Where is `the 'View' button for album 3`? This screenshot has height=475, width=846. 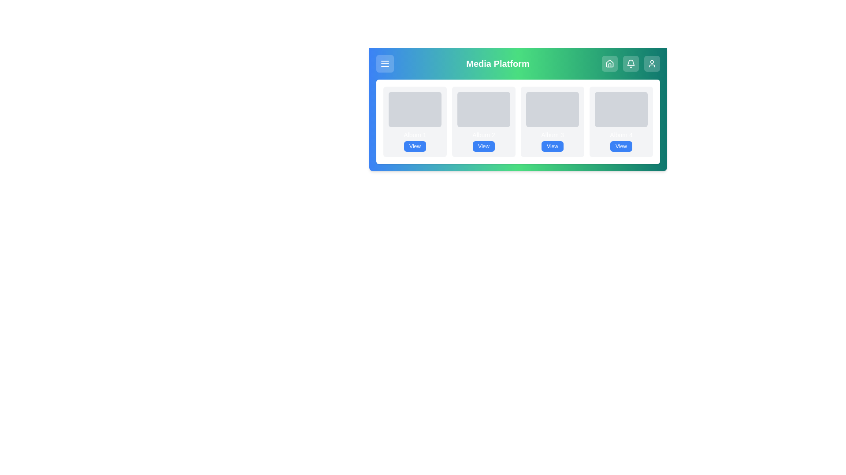 the 'View' button for album 3 is located at coordinates (552, 146).